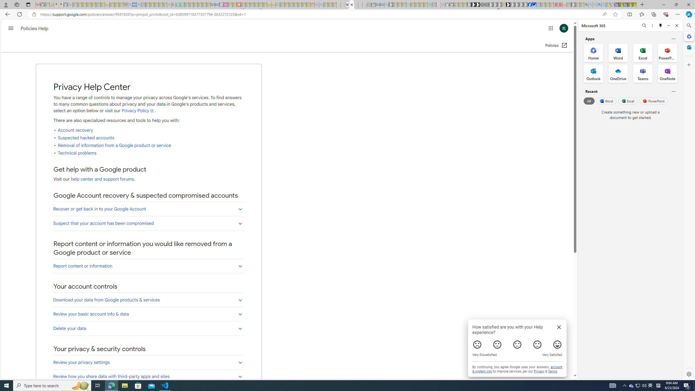 This screenshot has width=695, height=391. What do you see at coordinates (589, 101) in the screenshot?
I see `'All'` at bounding box center [589, 101].